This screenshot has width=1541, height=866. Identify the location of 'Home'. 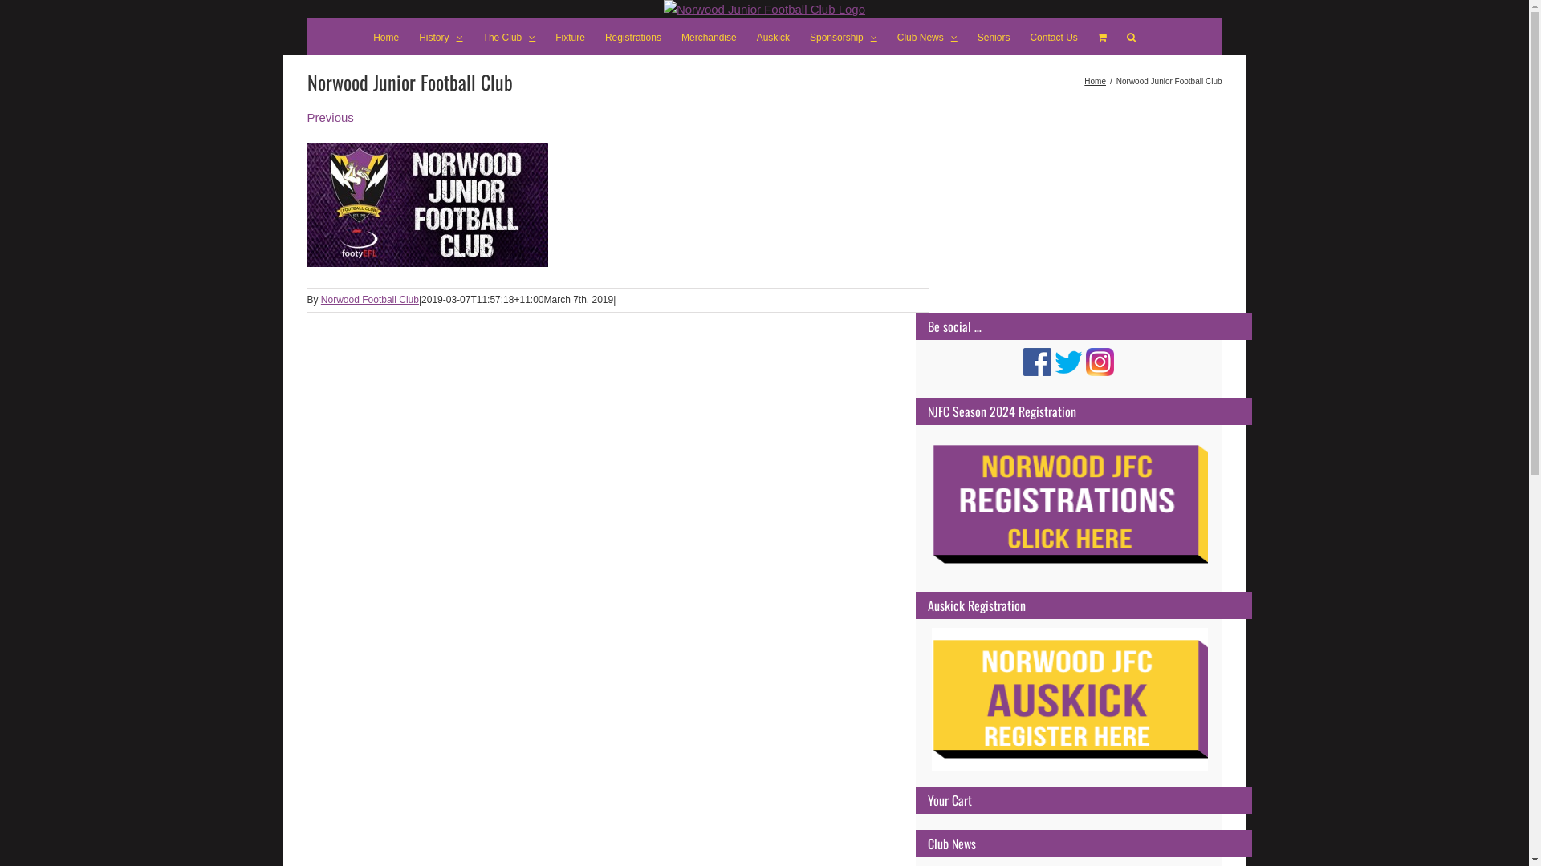
(1094, 81).